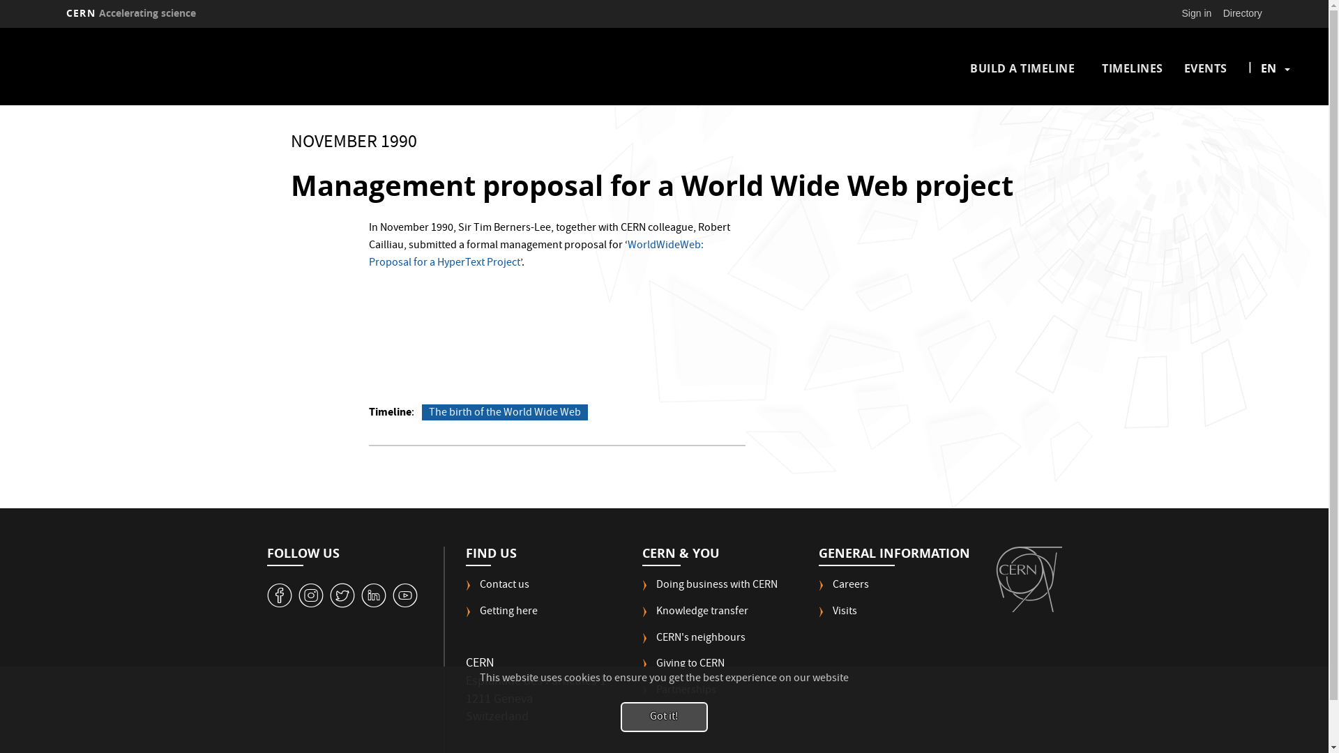 Image resolution: width=1339 pixels, height=753 pixels. What do you see at coordinates (837, 617) in the screenshot?
I see `'Visits'` at bounding box center [837, 617].